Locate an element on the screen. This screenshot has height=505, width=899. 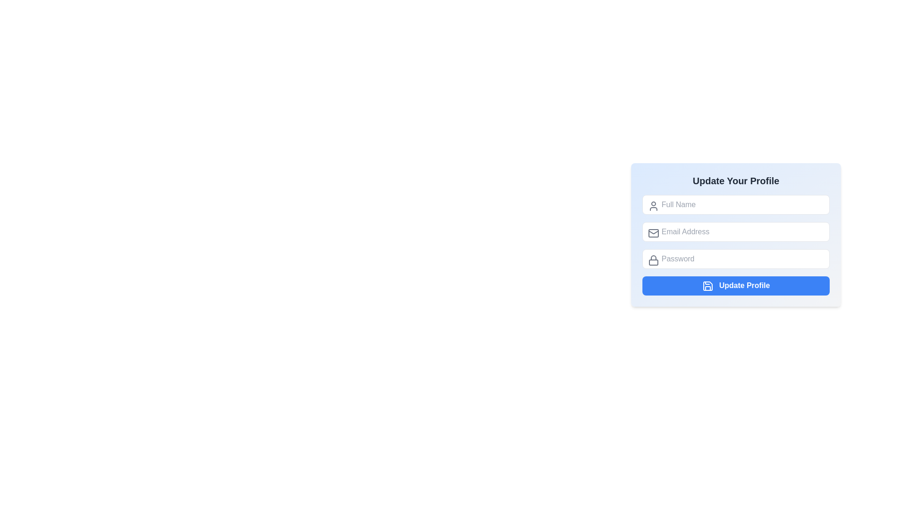
the decorative envelope icon that indicates the 'Email Address' input field within the profile update form is located at coordinates (653, 232).